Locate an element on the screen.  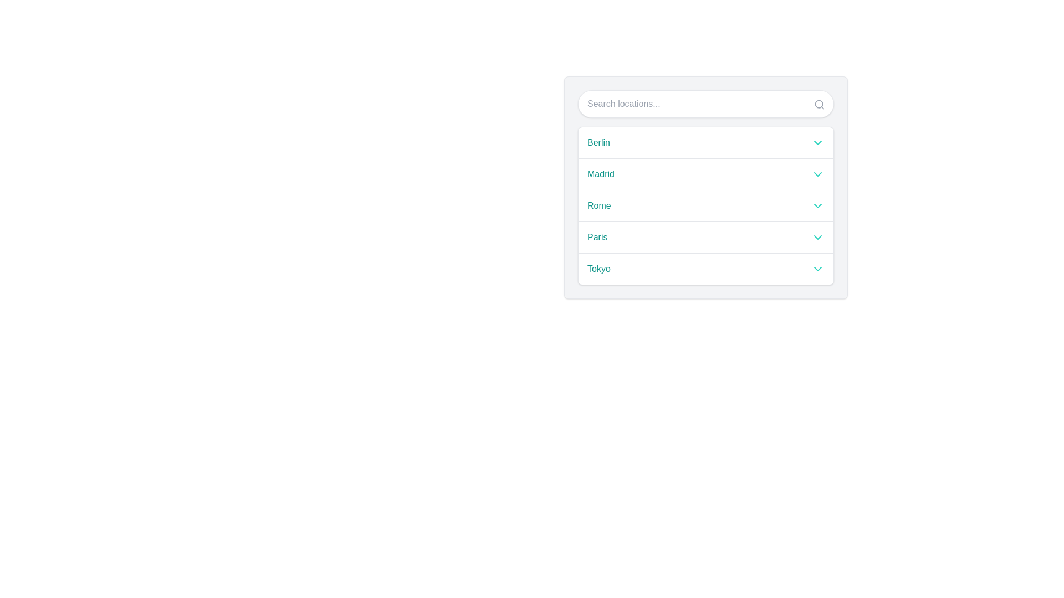
the second option in the dropdown menu labeled 'Madrid' is located at coordinates (705, 173).